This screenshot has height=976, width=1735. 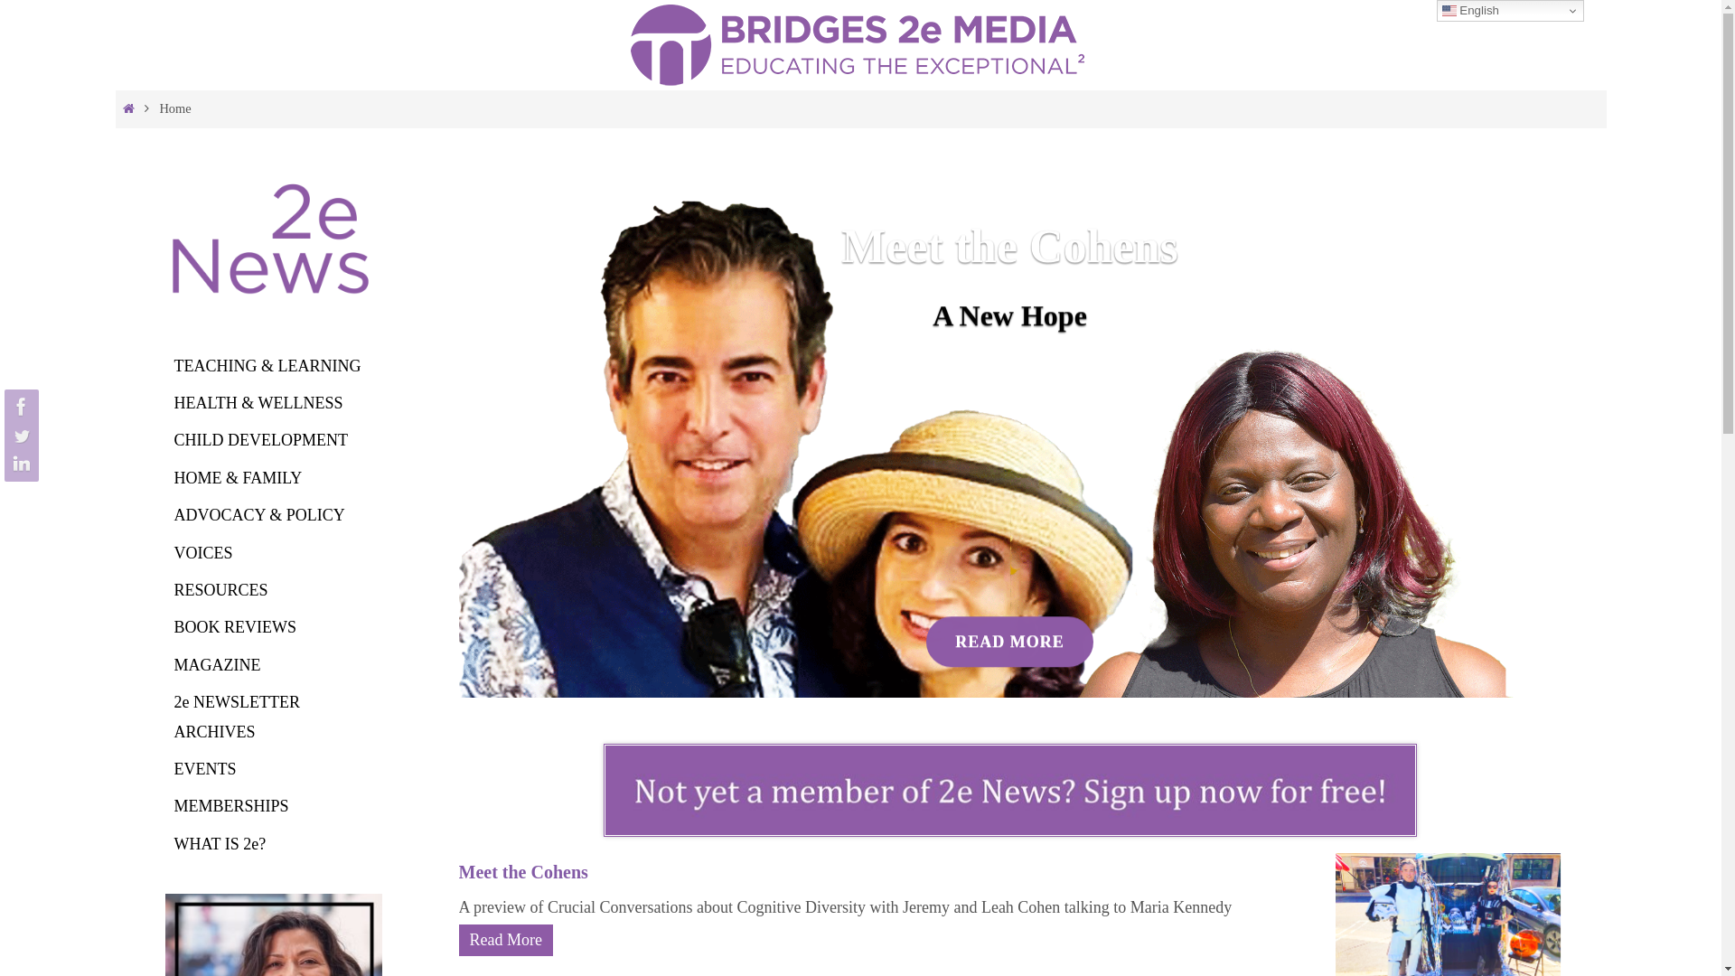 What do you see at coordinates (266, 366) in the screenshot?
I see `'TEACHING & LEARNING'` at bounding box center [266, 366].